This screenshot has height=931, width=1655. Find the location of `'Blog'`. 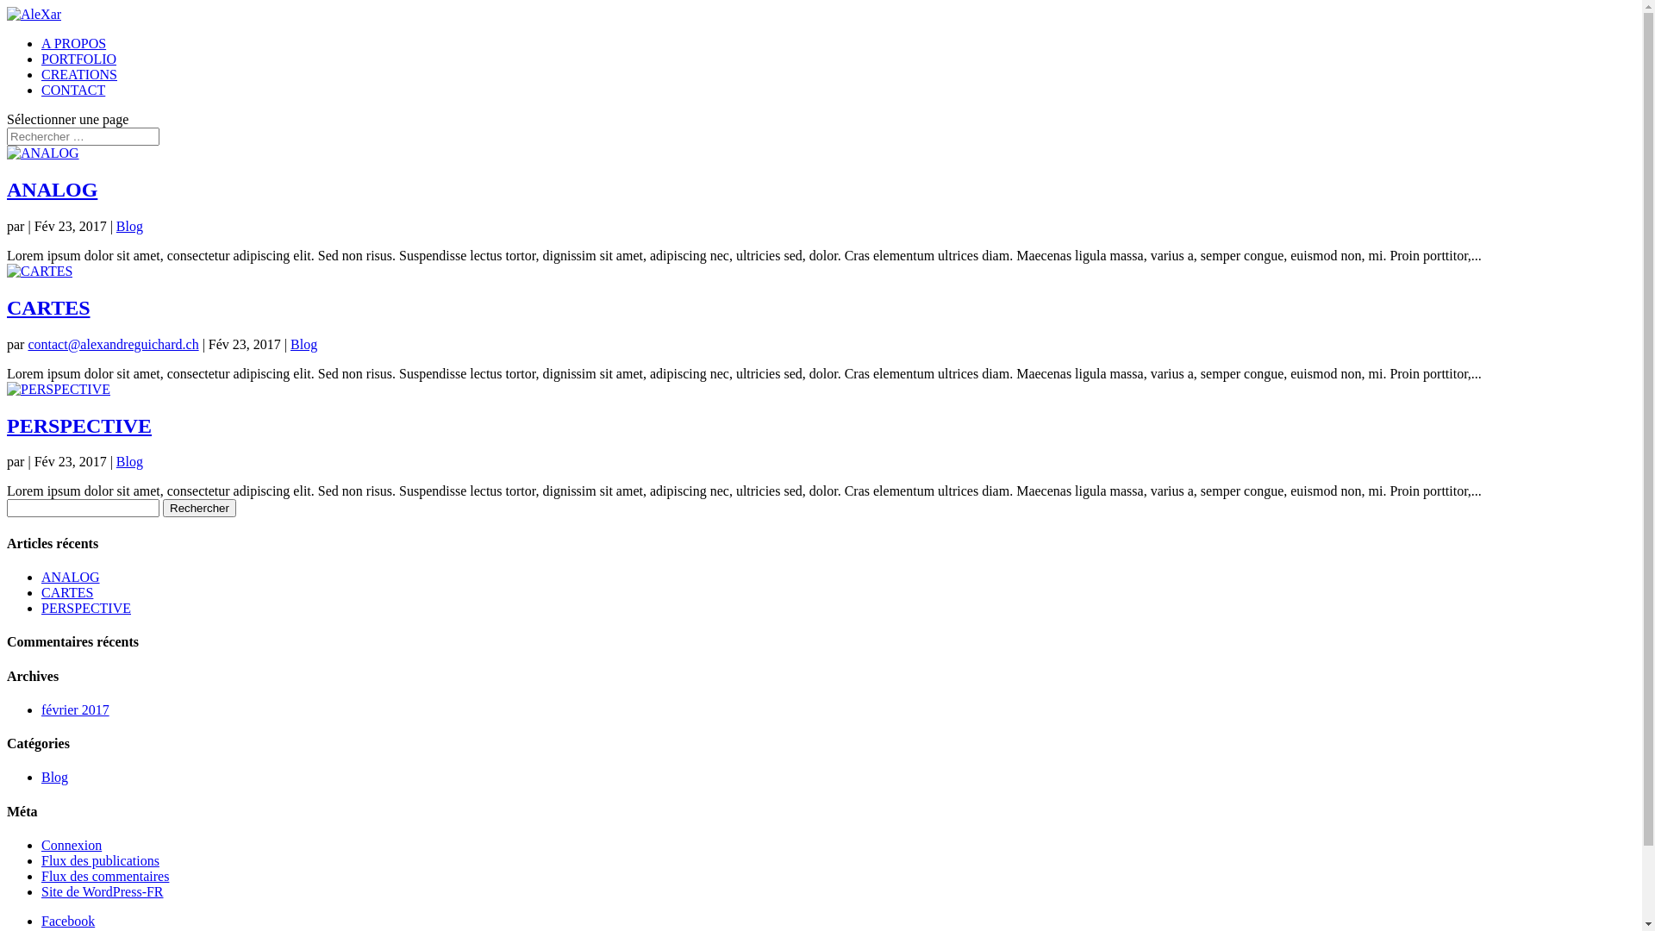

'Blog' is located at coordinates (128, 225).